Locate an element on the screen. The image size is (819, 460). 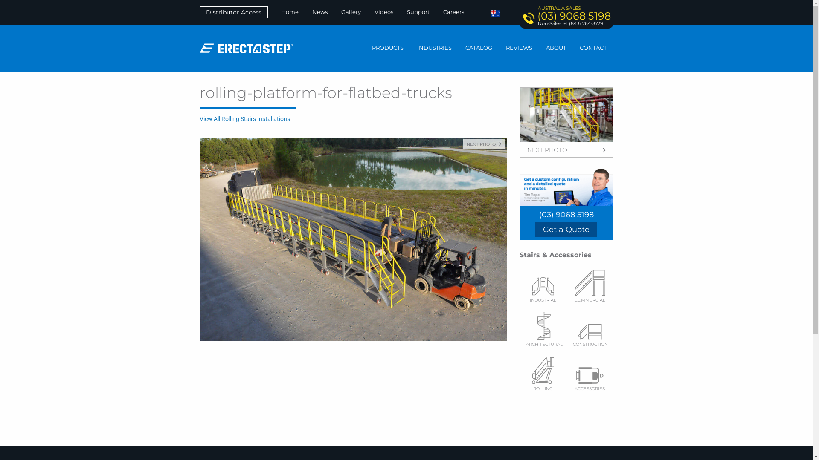
'Videos' is located at coordinates (383, 12).